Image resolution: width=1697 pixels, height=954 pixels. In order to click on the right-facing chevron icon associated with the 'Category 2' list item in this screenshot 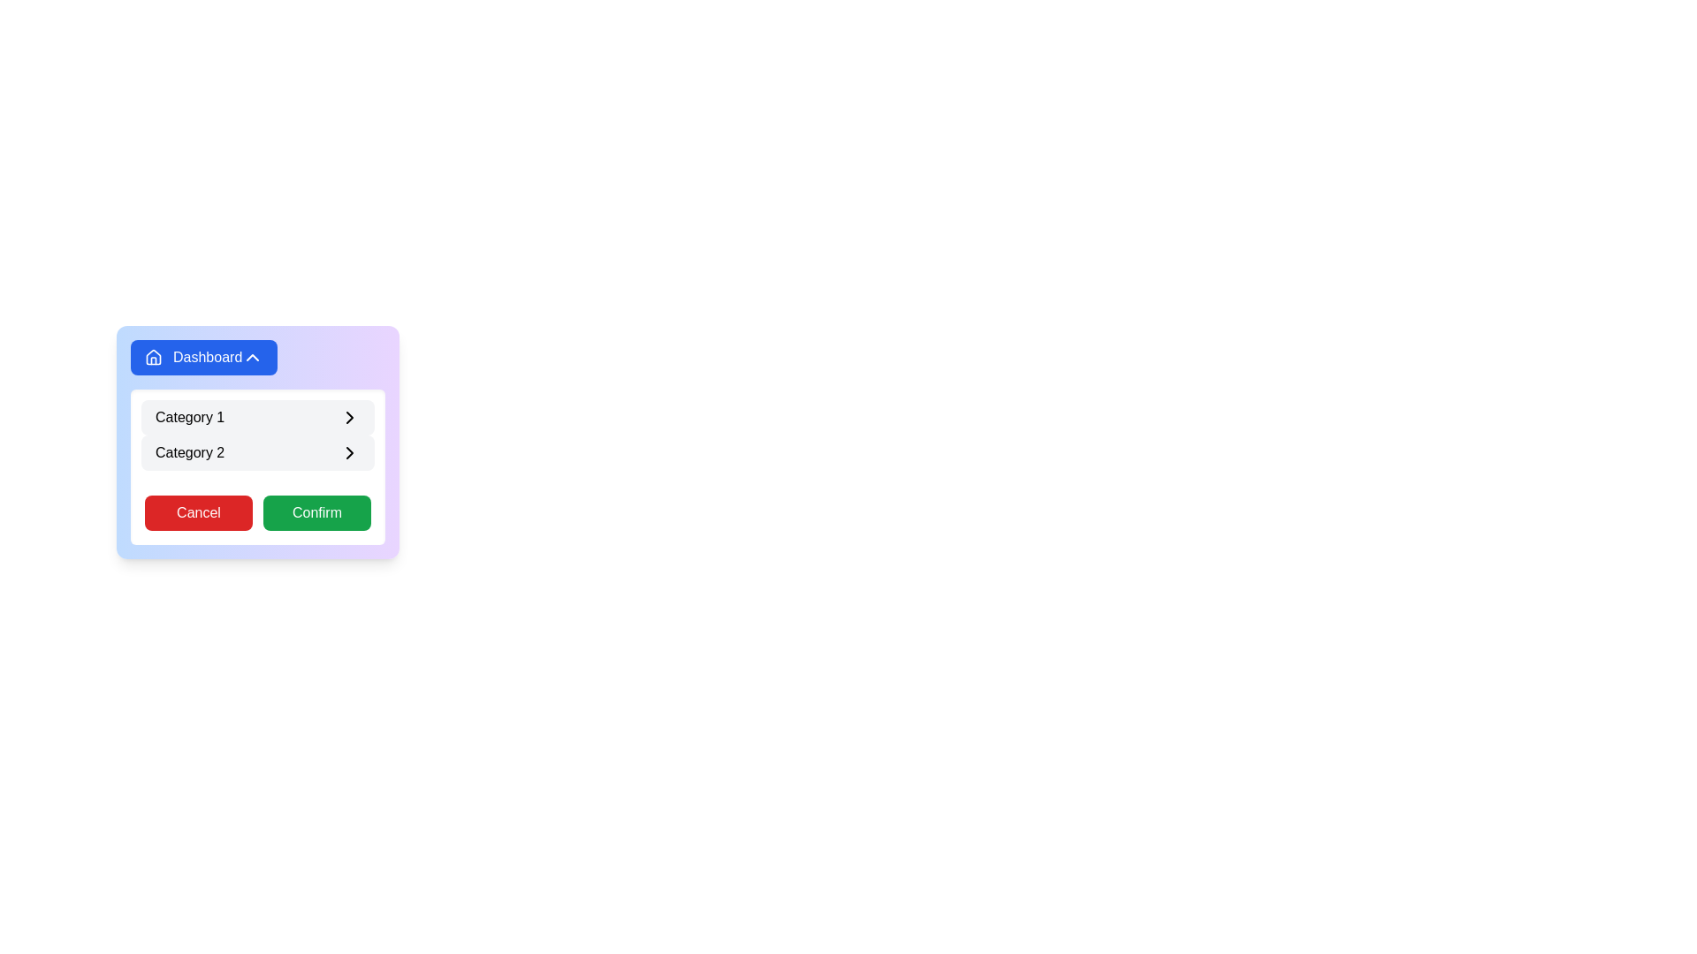, I will do `click(349, 452)`.